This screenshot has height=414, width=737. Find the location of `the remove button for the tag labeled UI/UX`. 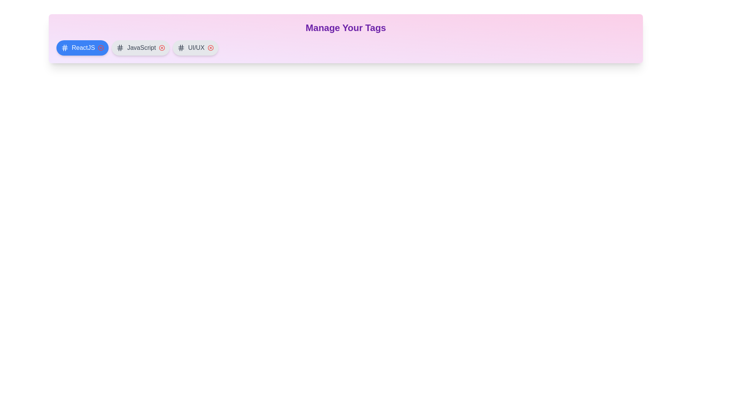

the remove button for the tag labeled UI/UX is located at coordinates (210, 48).